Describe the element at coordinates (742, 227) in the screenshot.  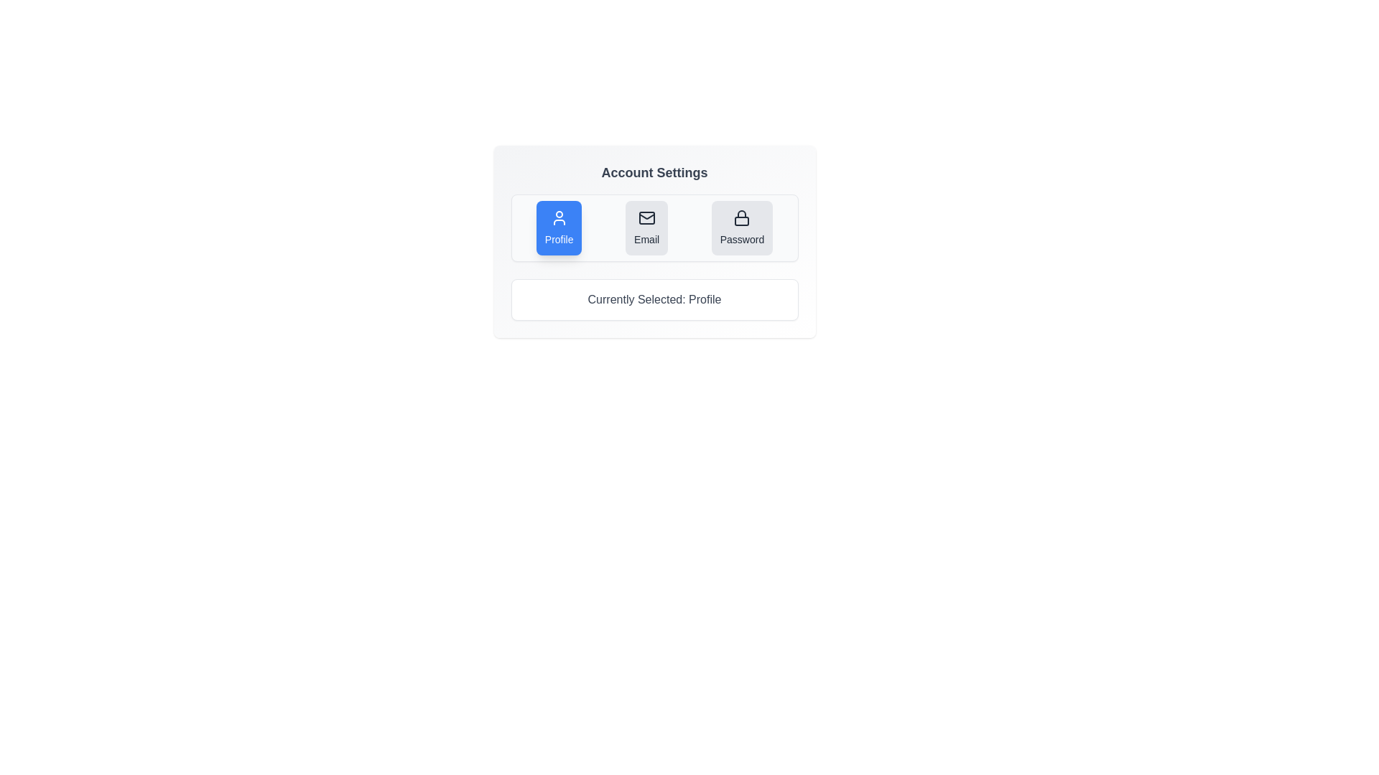
I see `the button corresponding to Password to select it` at that location.